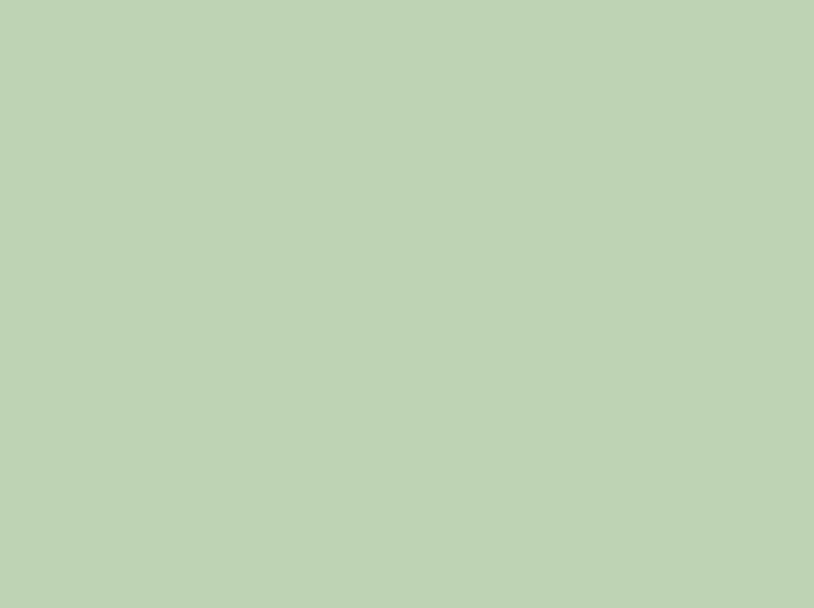 The height and width of the screenshot is (608, 814). Describe the element at coordinates (386, 237) in the screenshot. I see `'151st. Chris Maynes'` at that location.